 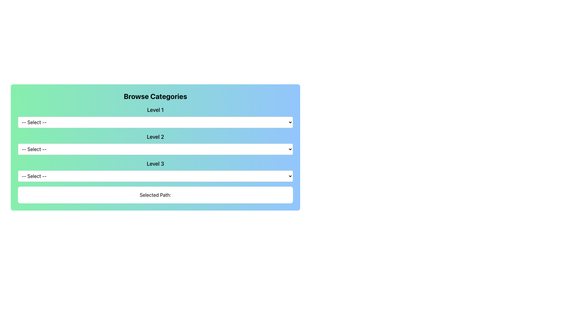 What do you see at coordinates (155, 122) in the screenshot?
I see `an option from the dropdown menu located below the 'Level 1' heading, which has a white background and rounded corners` at bounding box center [155, 122].